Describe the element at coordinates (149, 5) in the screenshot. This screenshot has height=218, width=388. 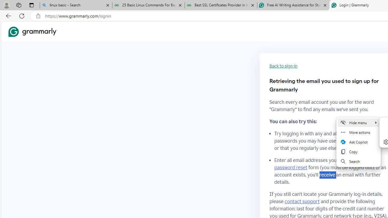
I see `'25 Basic Linux Commands For Beginners - GeeksforGeeks'` at that location.